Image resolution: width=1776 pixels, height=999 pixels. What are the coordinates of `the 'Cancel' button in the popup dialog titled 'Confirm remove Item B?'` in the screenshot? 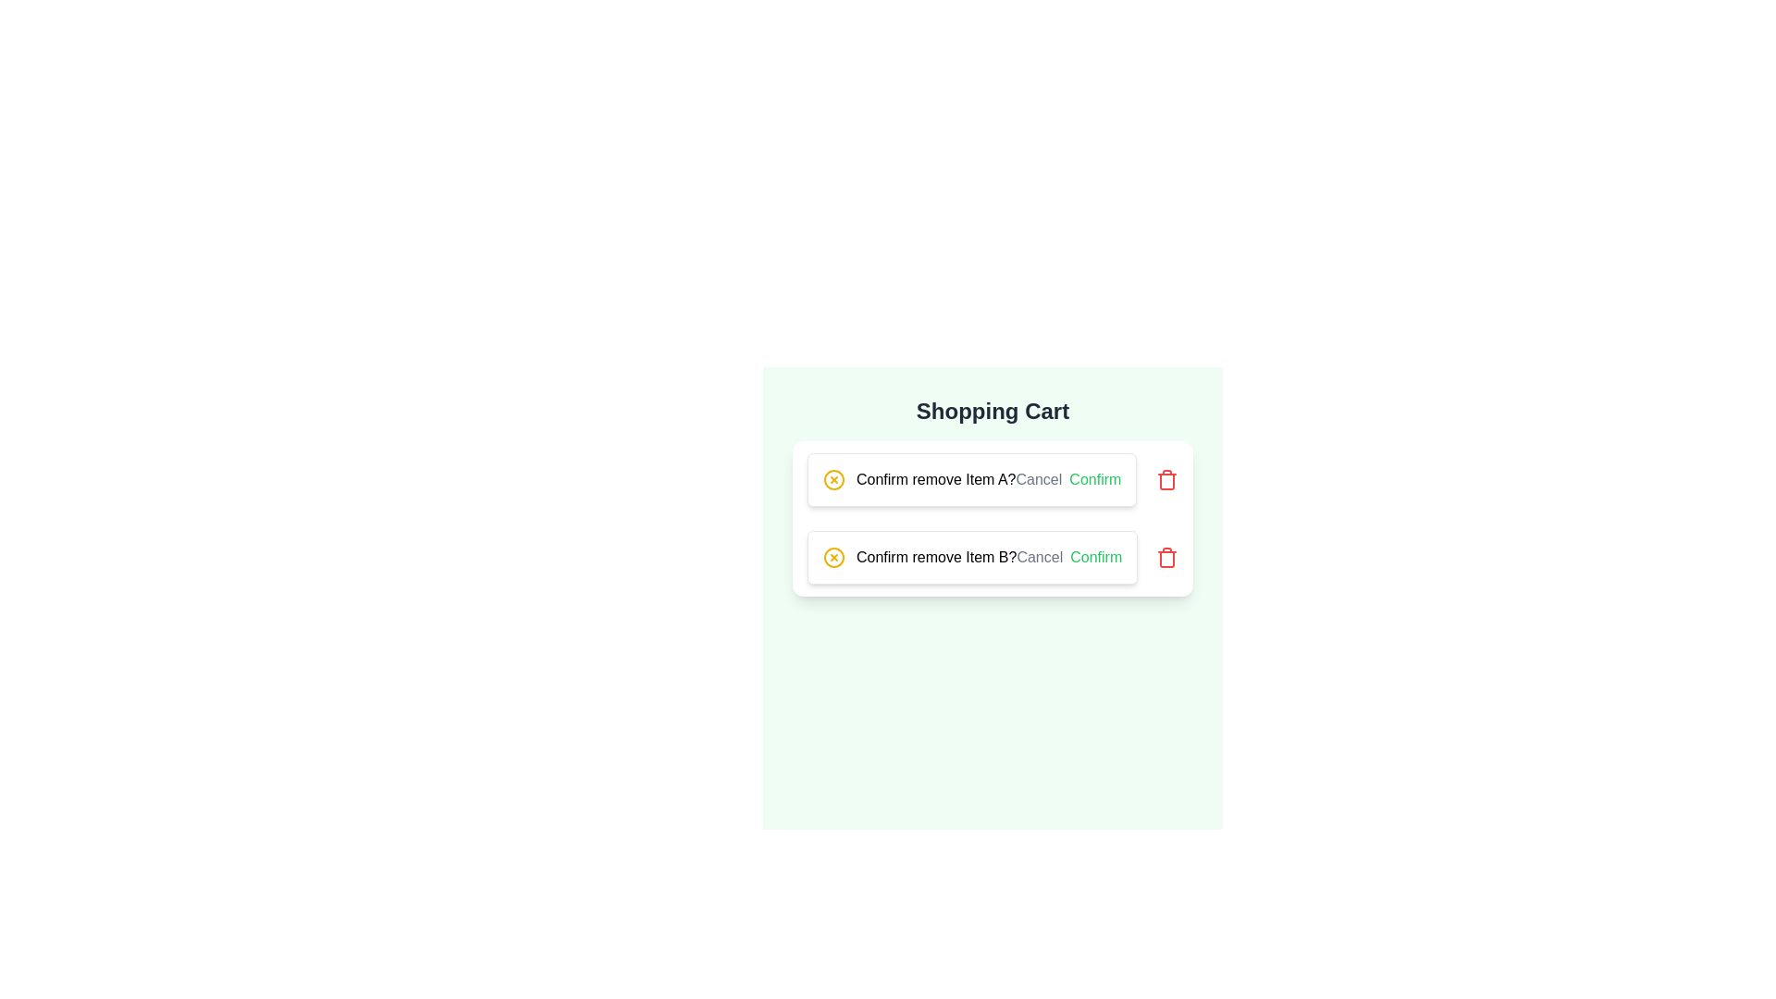 It's located at (1040, 556).